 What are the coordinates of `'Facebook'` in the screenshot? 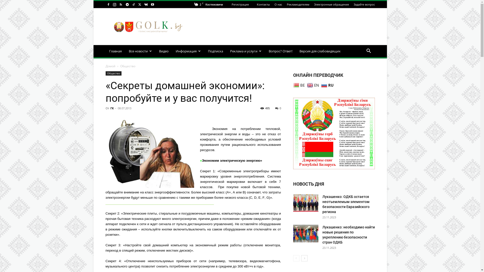 It's located at (108, 4).